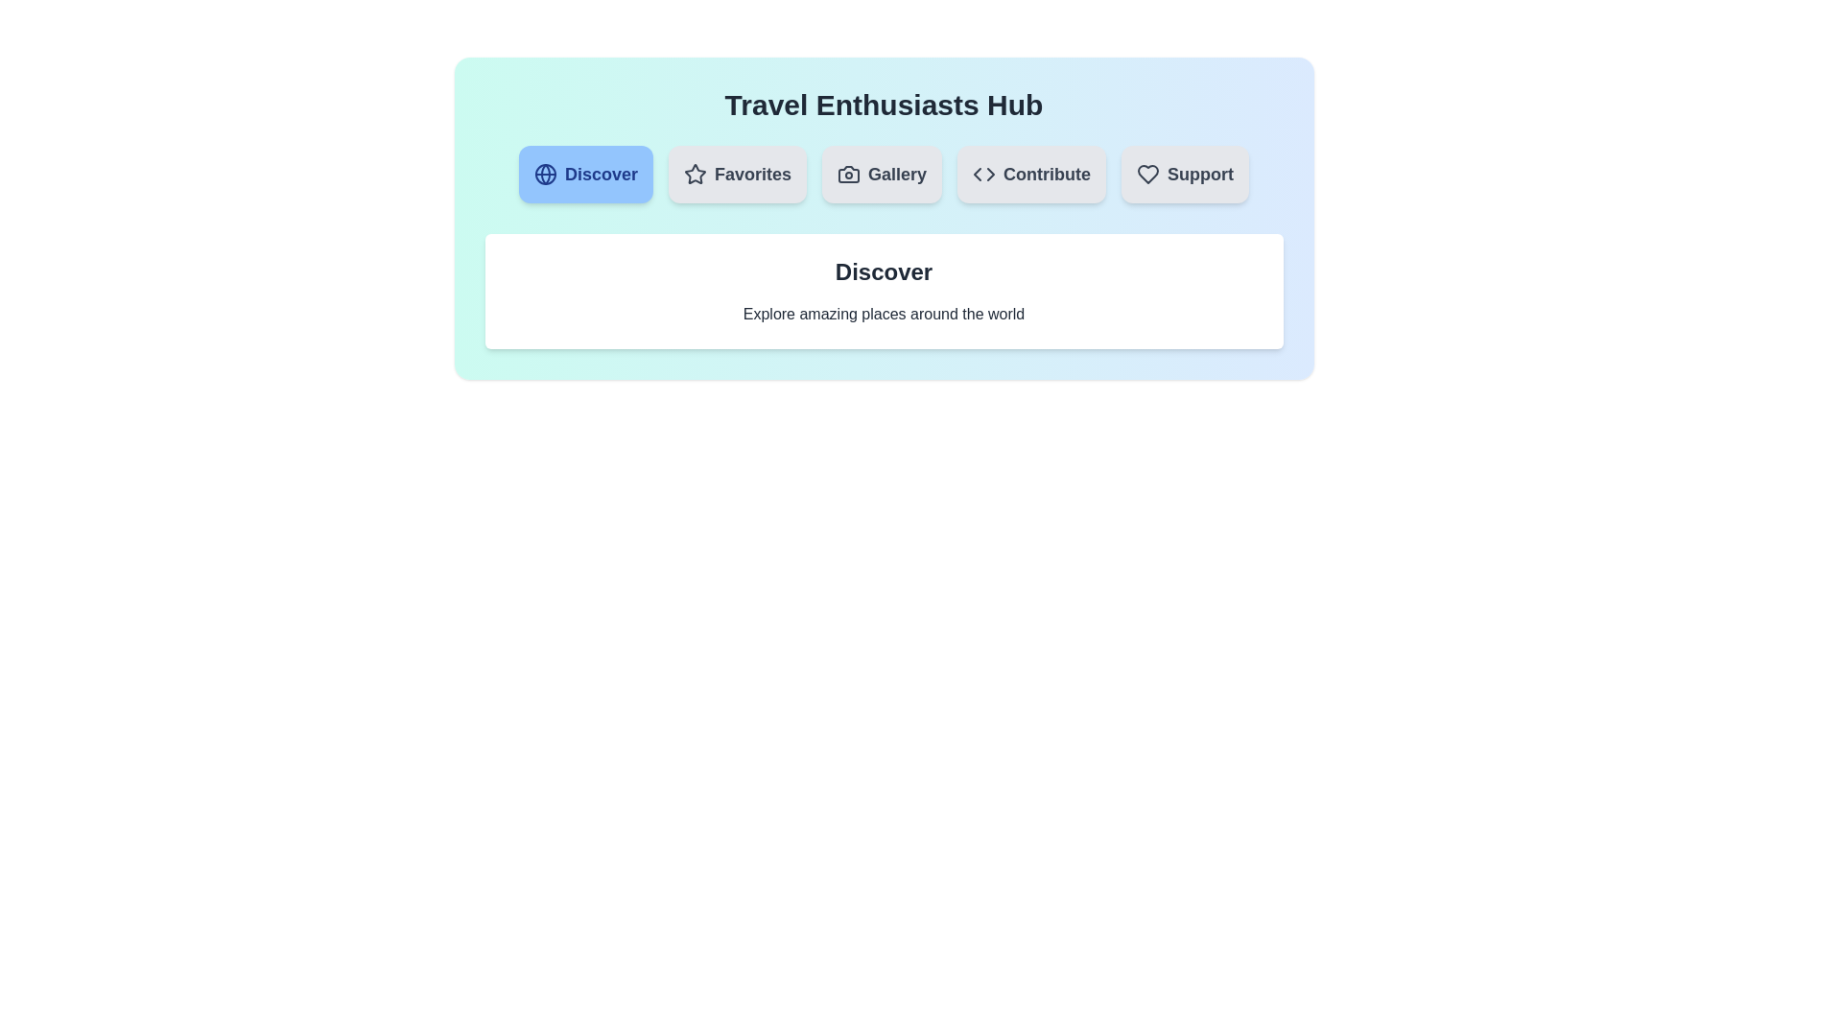 The width and height of the screenshot is (1842, 1036). Describe the element at coordinates (1148, 174) in the screenshot. I see `the heart icon within the 'Support' button, which is the fifth item in the top center navigation menu` at that location.